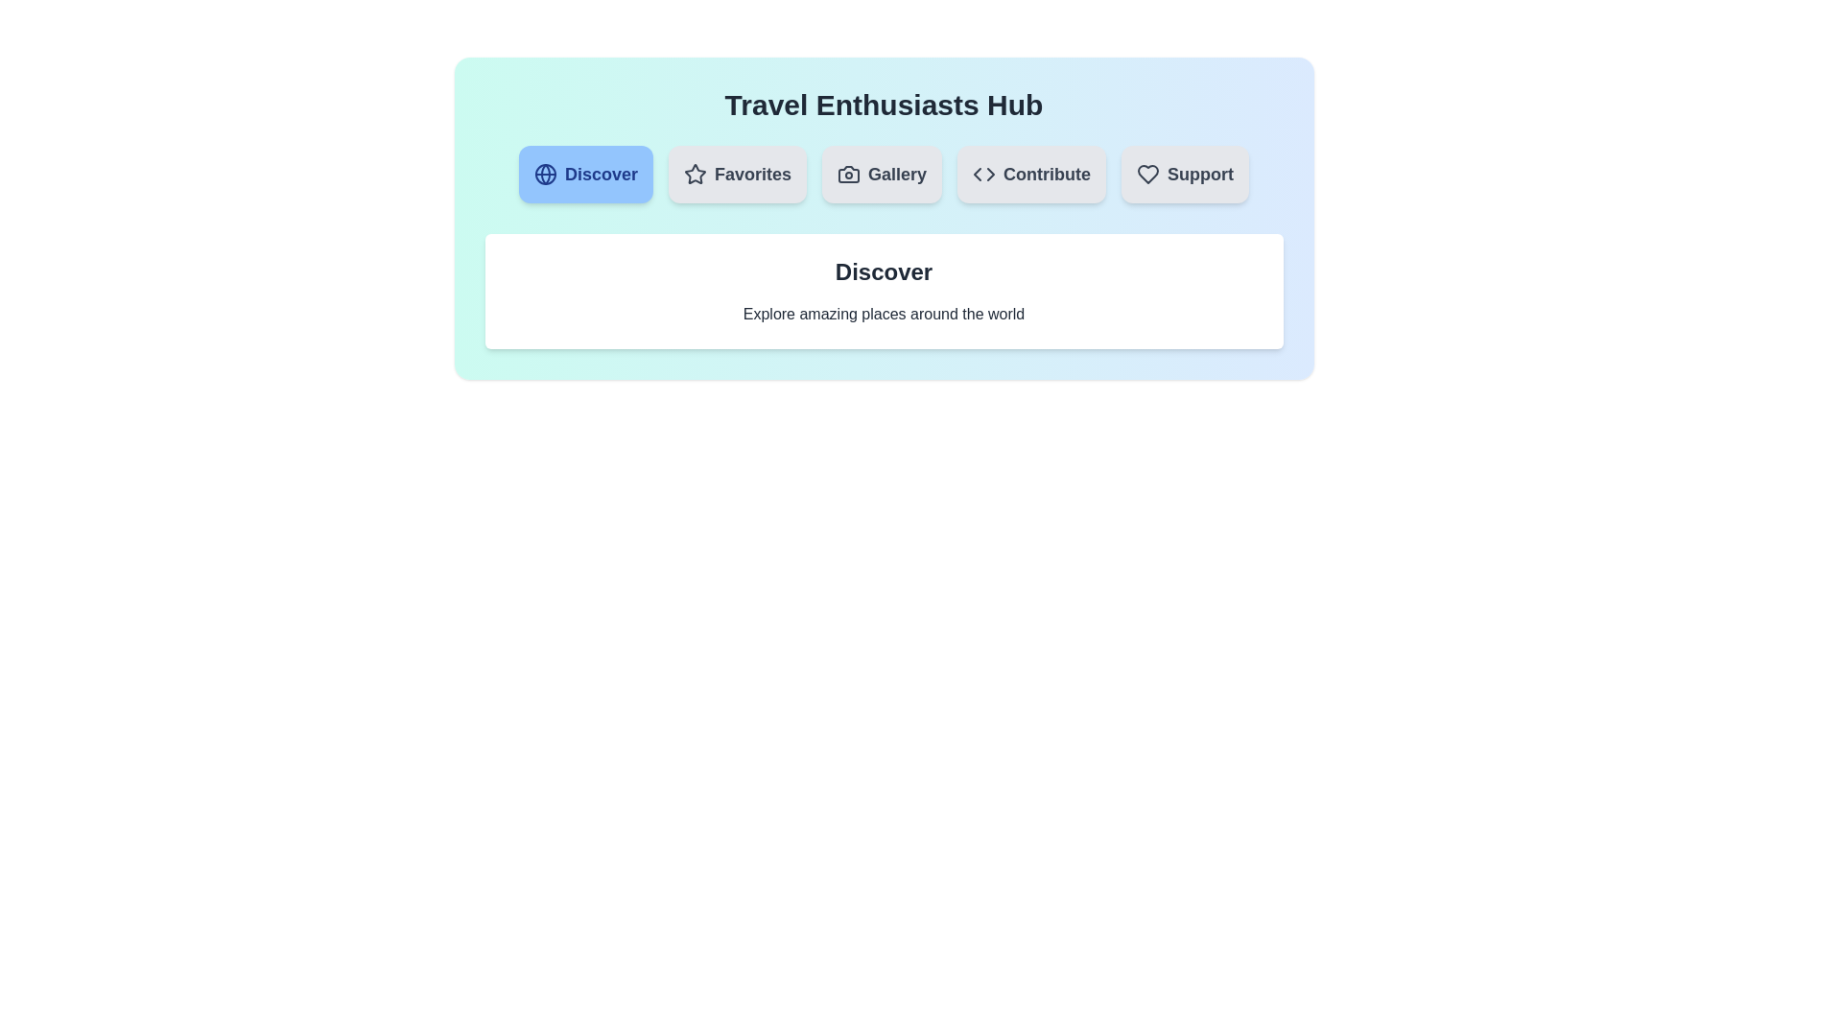 The width and height of the screenshot is (1842, 1036). Describe the element at coordinates (1148, 174) in the screenshot. I see `the heart icon within the 'Support' button, which is the fifth item in the top center navigation menu` at that location.